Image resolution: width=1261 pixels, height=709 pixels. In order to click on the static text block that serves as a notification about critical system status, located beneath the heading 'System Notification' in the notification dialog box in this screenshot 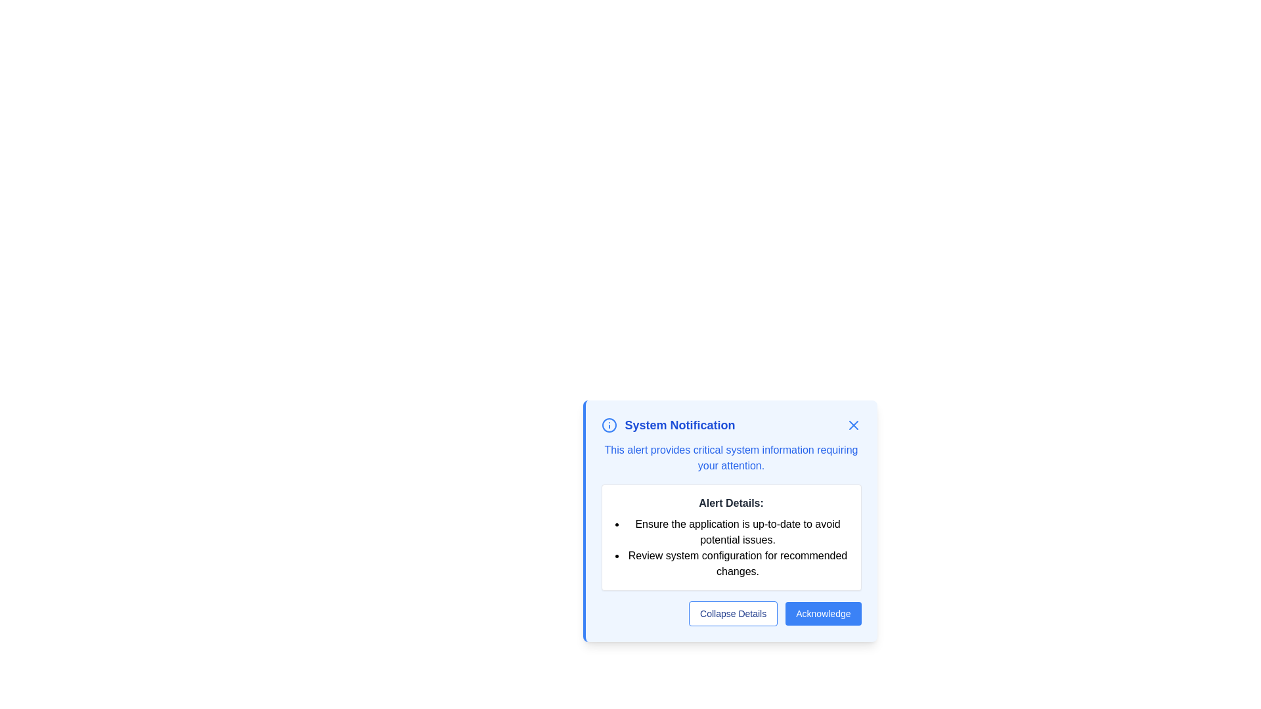, I will do `click(730, 458)`.